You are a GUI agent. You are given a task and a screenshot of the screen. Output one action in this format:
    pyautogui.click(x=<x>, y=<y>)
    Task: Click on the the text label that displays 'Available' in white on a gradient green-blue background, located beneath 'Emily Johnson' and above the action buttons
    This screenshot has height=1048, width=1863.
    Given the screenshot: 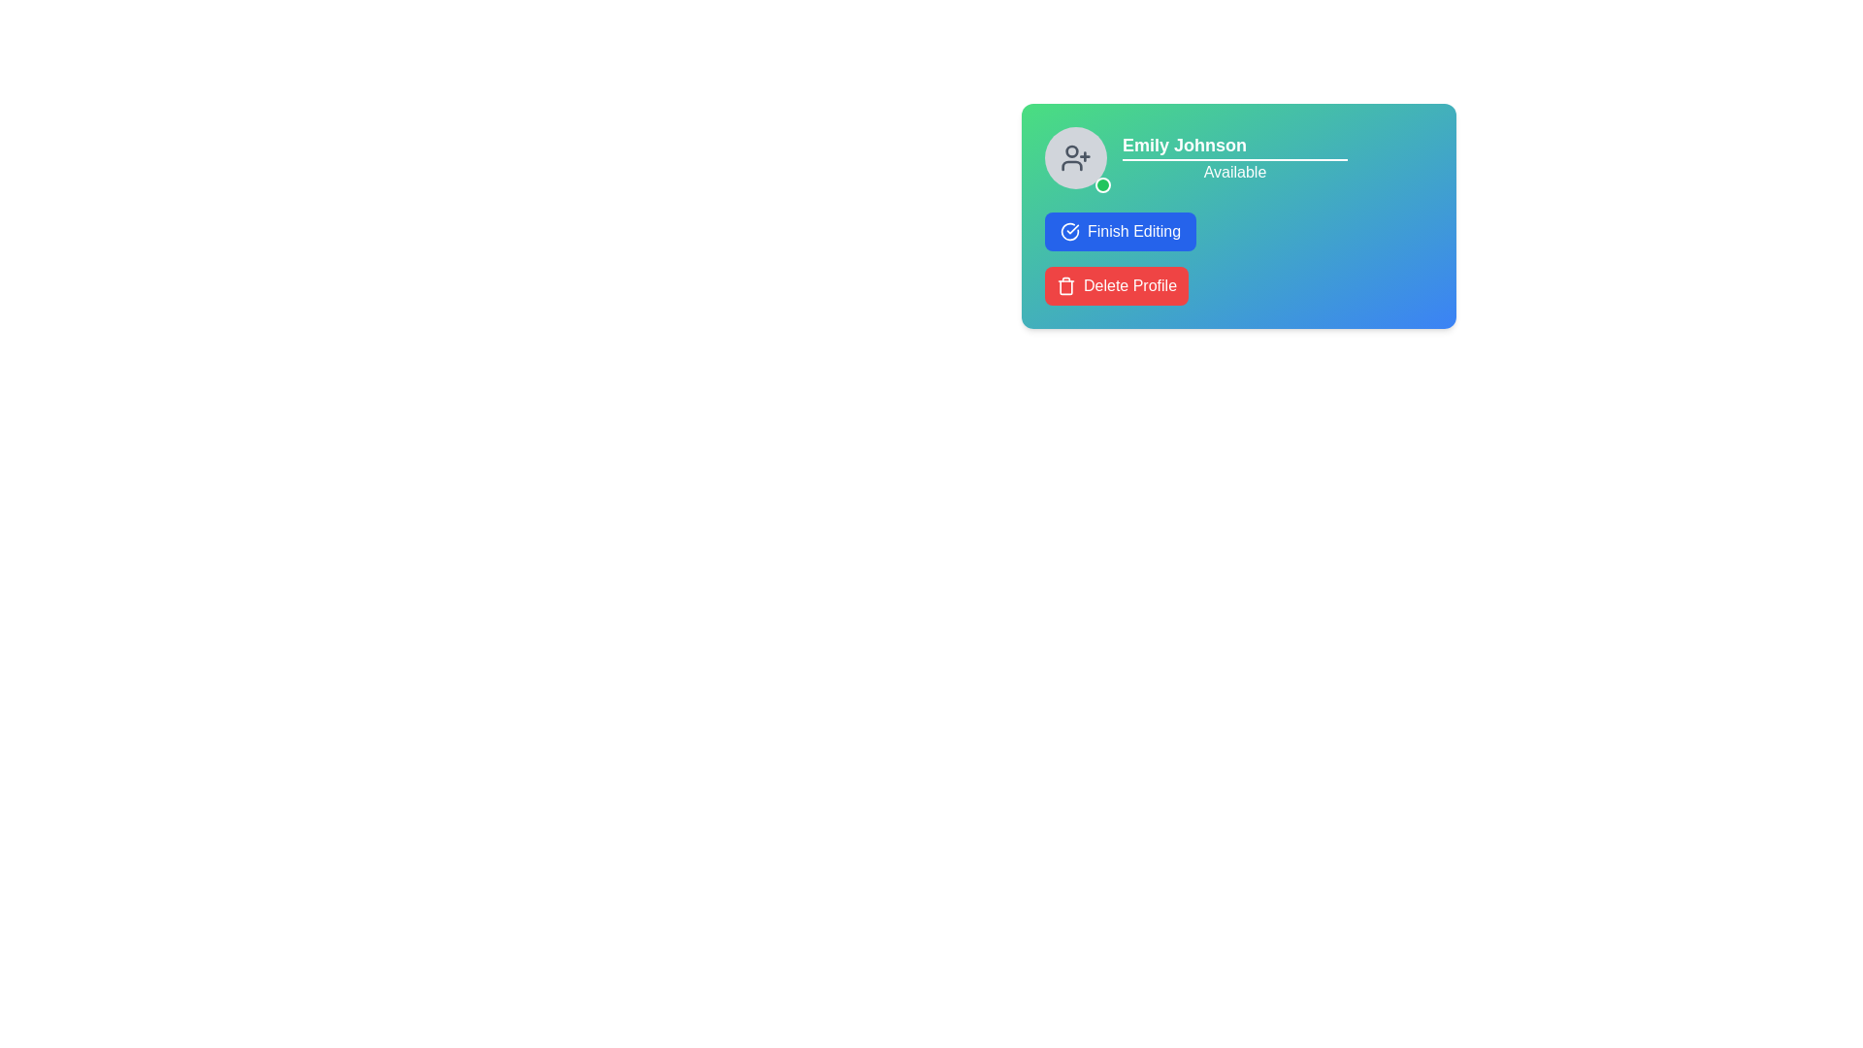 What is the action you would take?
    pyautogui.click(x=1233, y=171)
    